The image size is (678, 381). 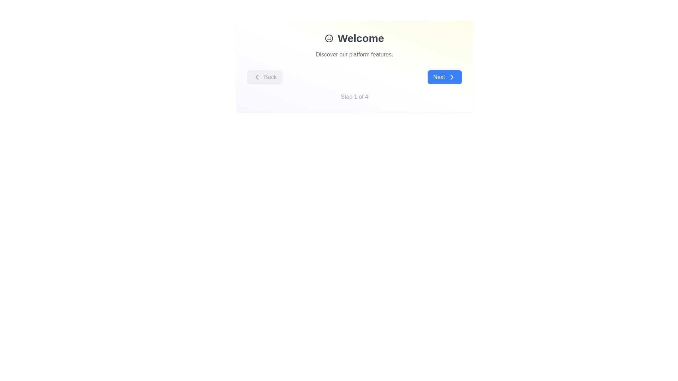 What do you see at coordinates (257, 77) in the screenshot?
I see `the leftward-pointing chevron SVG icon located to the left of the 'Back' text in the upper-left area of the content card` at bounding box center [257, 77].